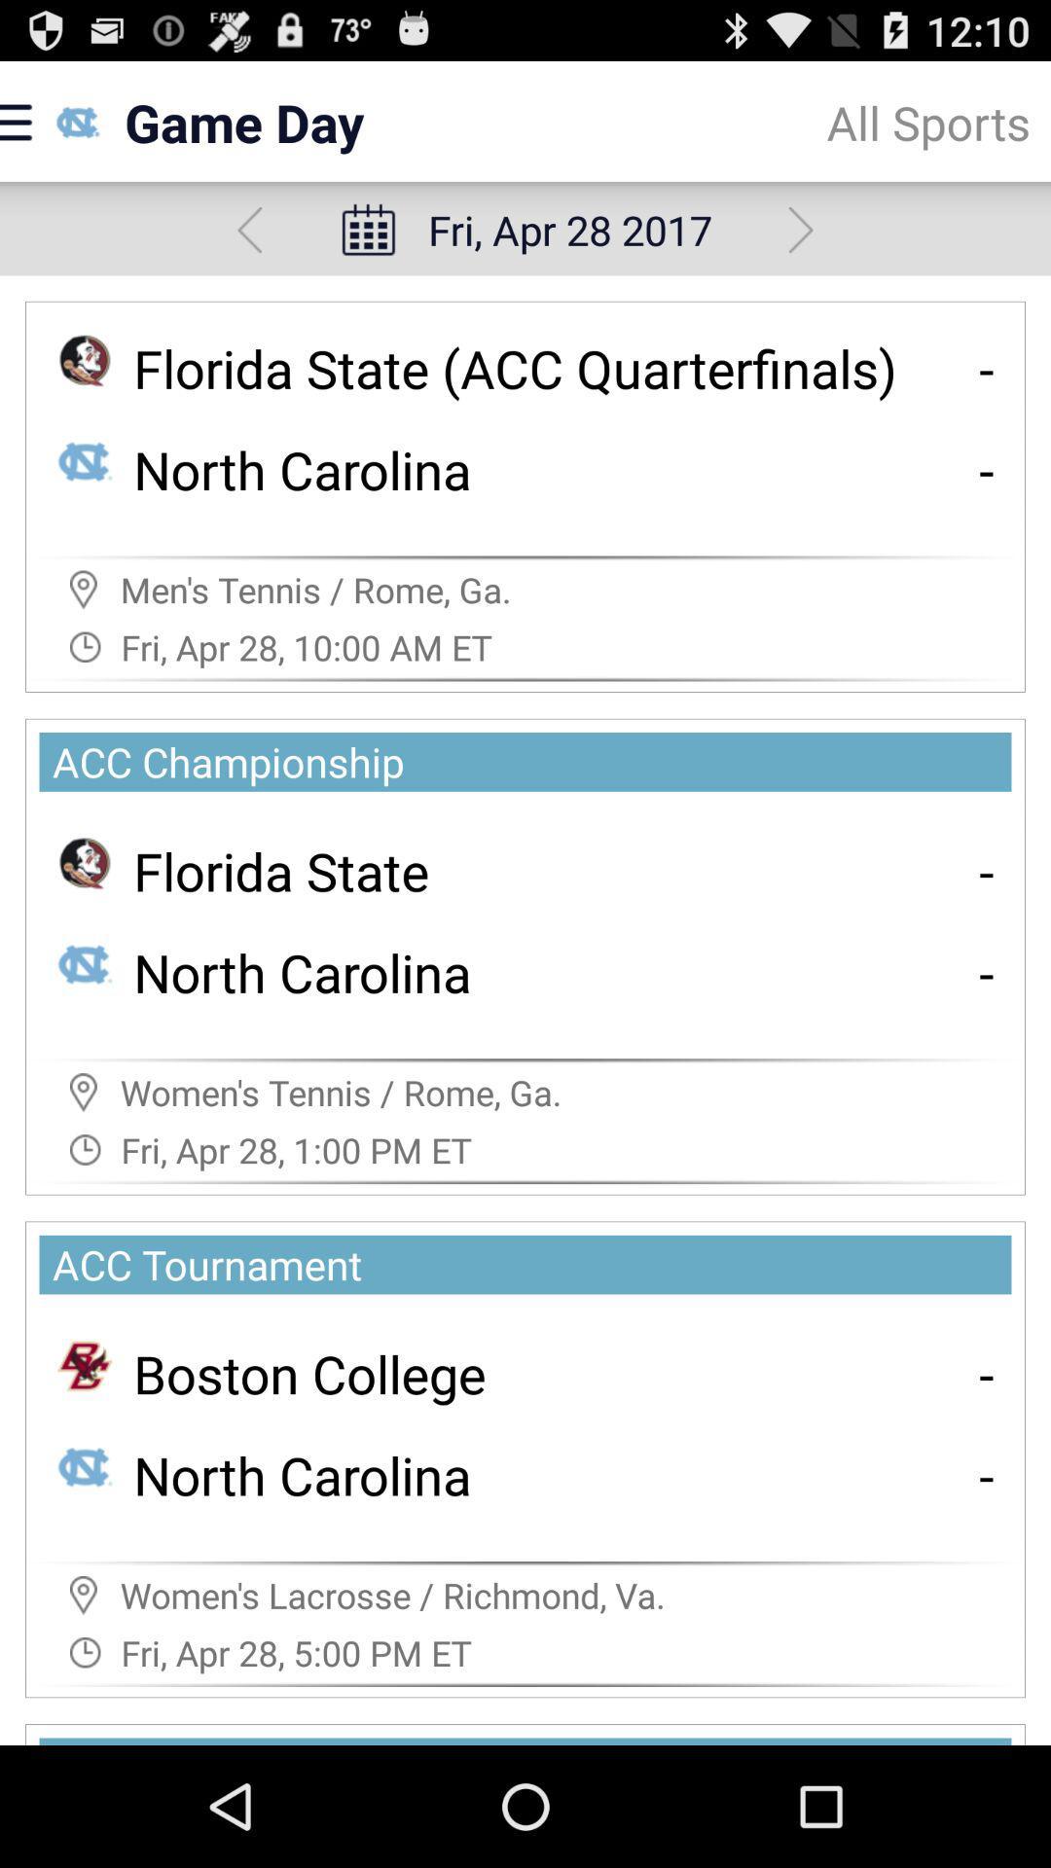 This screenshot has height=1868, width=1051. I want to click on previous day, so click(248, 230).